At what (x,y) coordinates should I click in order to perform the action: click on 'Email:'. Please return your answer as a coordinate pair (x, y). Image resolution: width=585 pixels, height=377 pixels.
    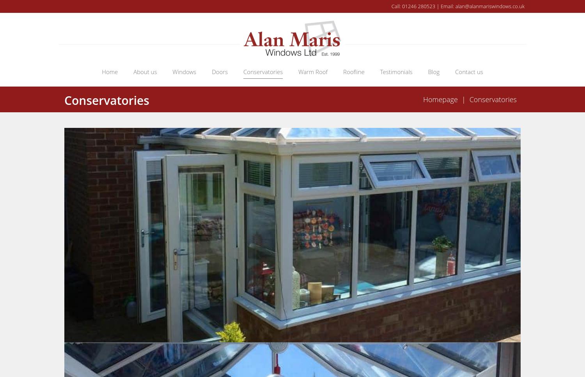
    Looking at the image, I should click on (447, 6).